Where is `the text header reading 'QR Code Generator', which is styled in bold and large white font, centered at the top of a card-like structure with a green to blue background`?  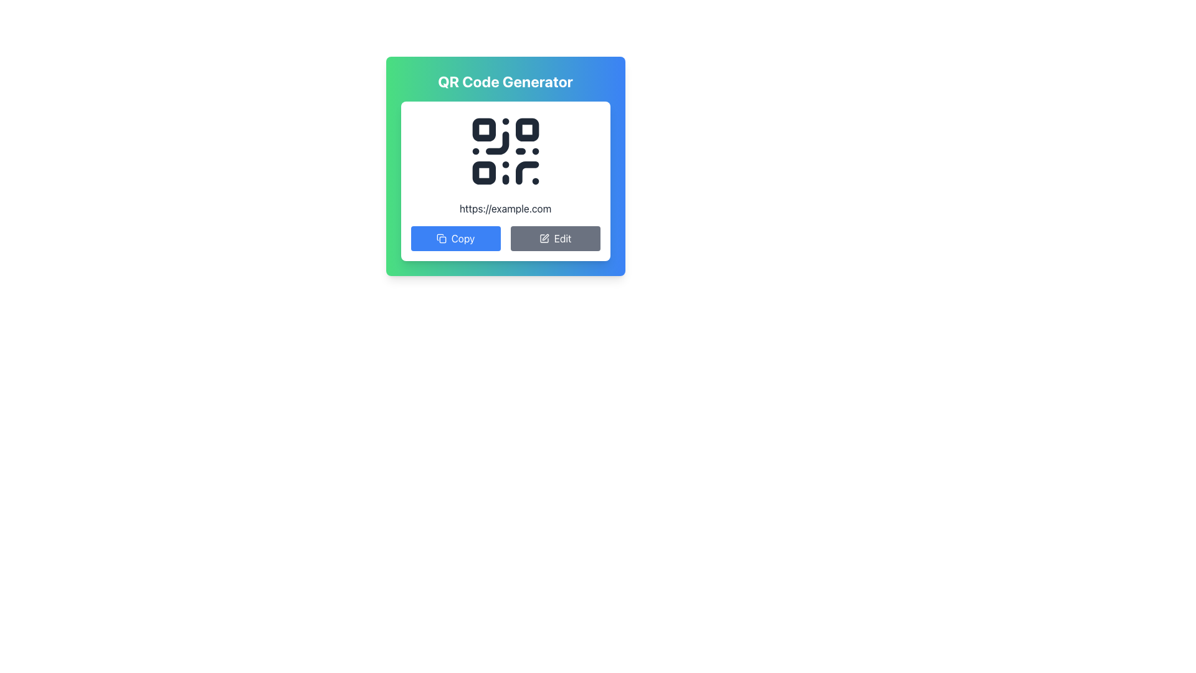 the text header reading 'QR Code Generator', which is styled in bold and large white font, centered at the top of a card-like structure with a green to blue background is located at coordinates (505, 82).